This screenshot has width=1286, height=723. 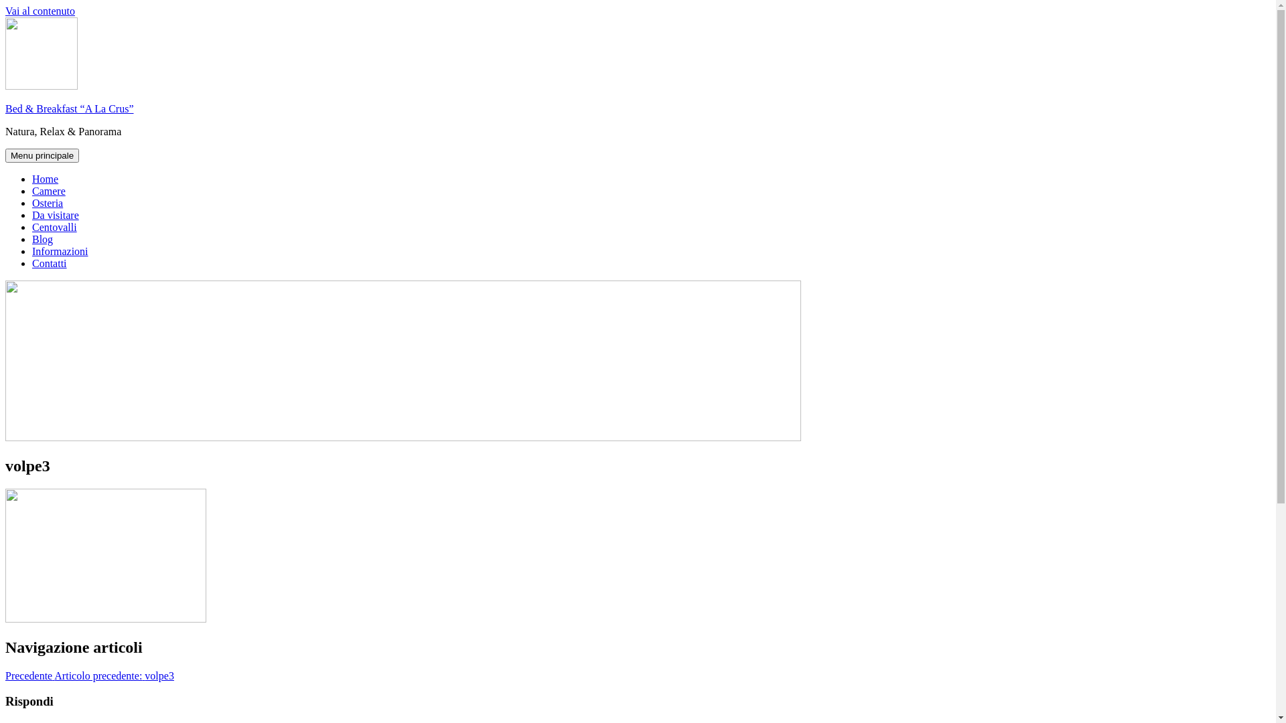 What do you see at coordinates (48, 203) in the screenshot?
I see `'Osteria'` at bounding box center [48, 203].